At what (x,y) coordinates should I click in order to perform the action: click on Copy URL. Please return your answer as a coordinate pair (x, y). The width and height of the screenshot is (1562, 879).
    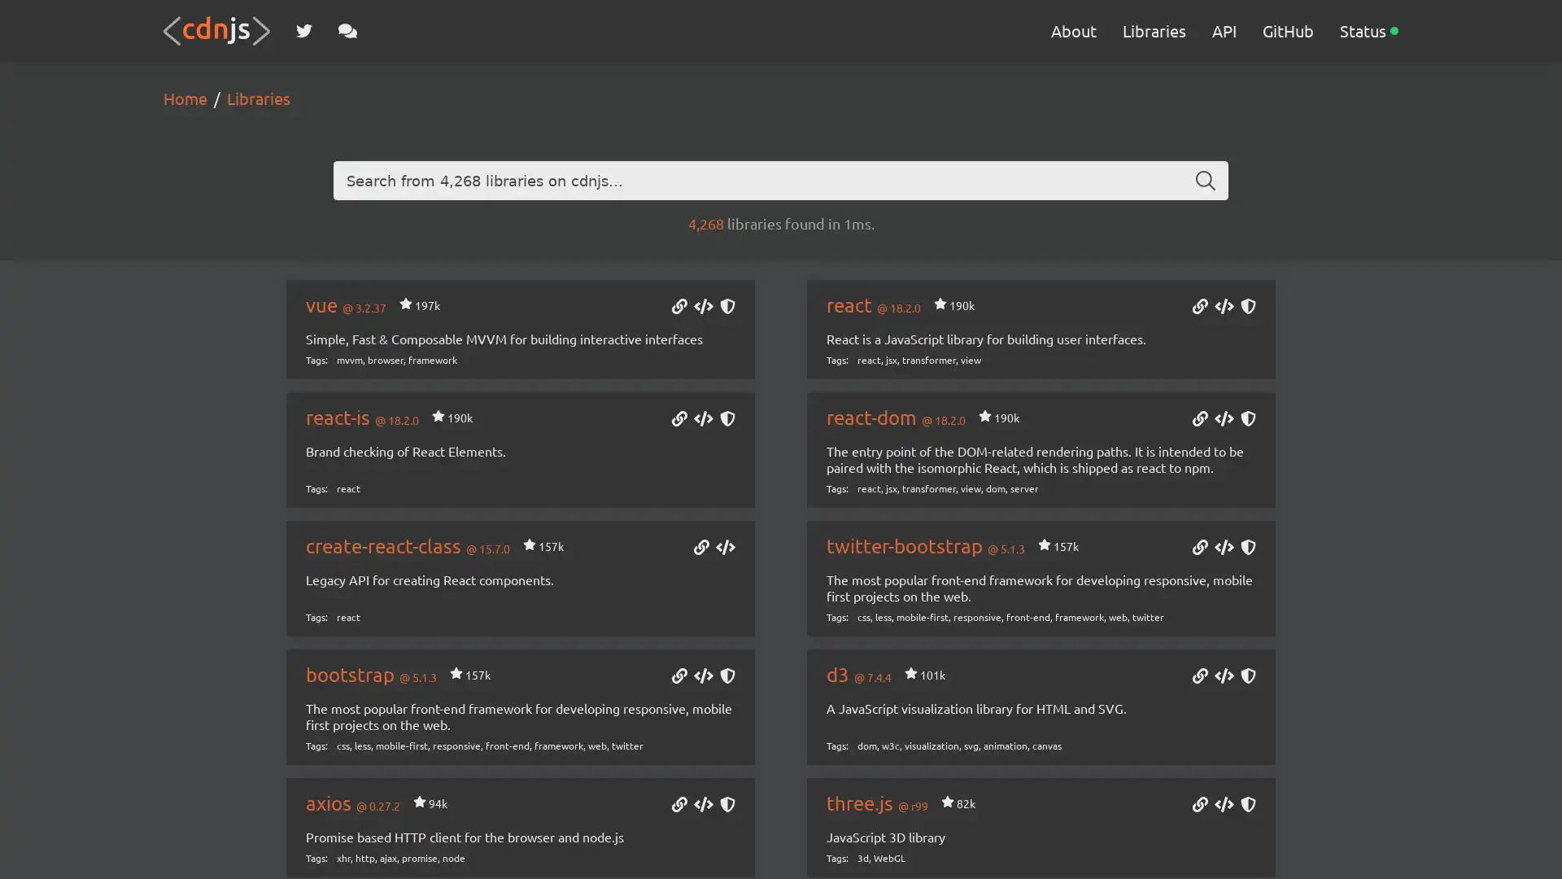
    Looking at the image, I should click on (1199, 677).